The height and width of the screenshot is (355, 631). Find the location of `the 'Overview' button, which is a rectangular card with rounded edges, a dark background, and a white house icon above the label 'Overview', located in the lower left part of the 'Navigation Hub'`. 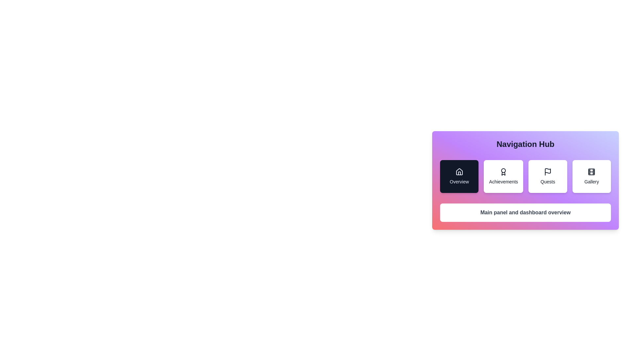

the 'Overview' button, which is a rectangular card with rounded edges, a dark background, and a white house icon above the label 'Overview', located in the lower left part of the 'Navigation Hub' is located at coordinates (458, 176).